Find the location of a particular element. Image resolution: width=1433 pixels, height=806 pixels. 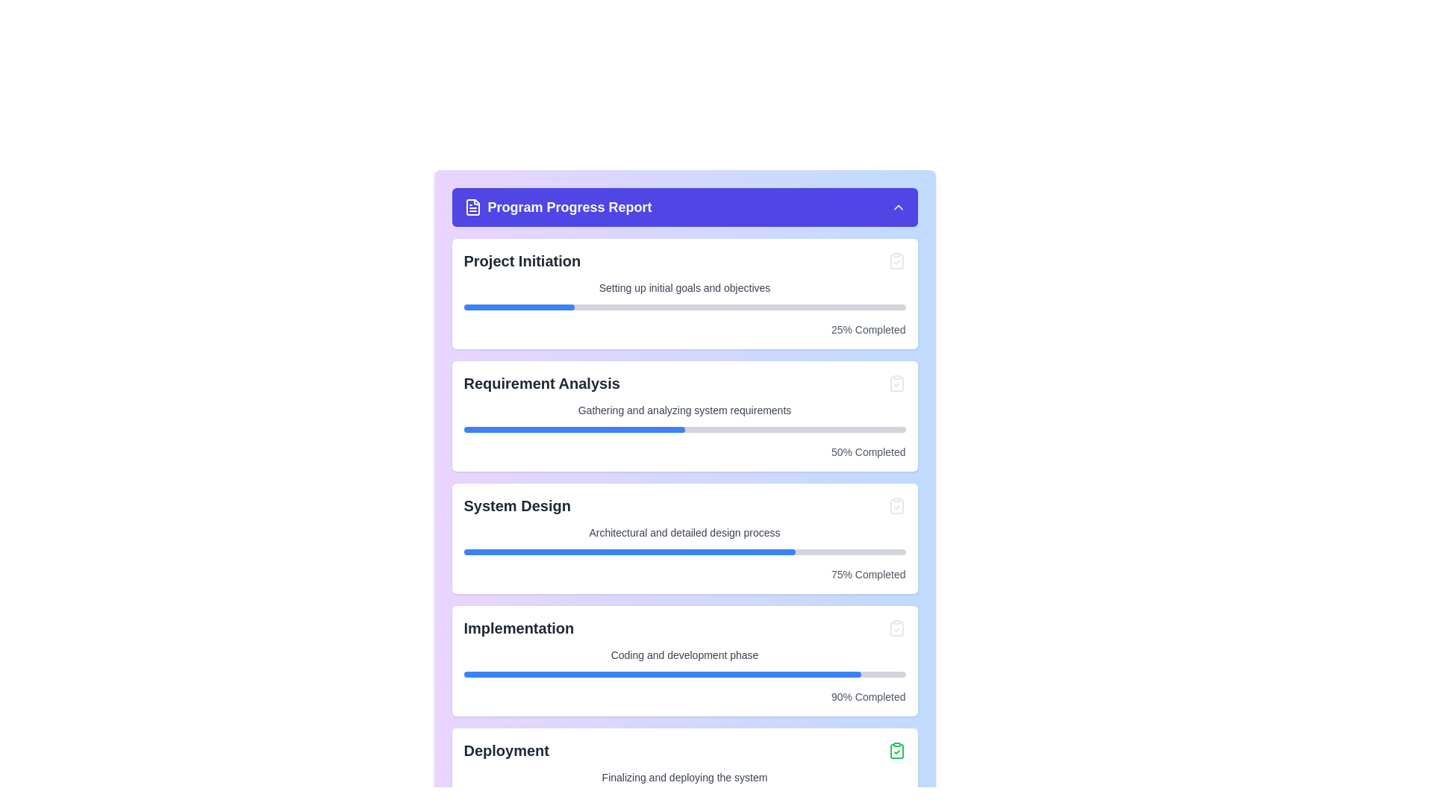

the blue progress bar segment indicating 75% completion within the 'System Design' section is located at coordinates (629, 552).